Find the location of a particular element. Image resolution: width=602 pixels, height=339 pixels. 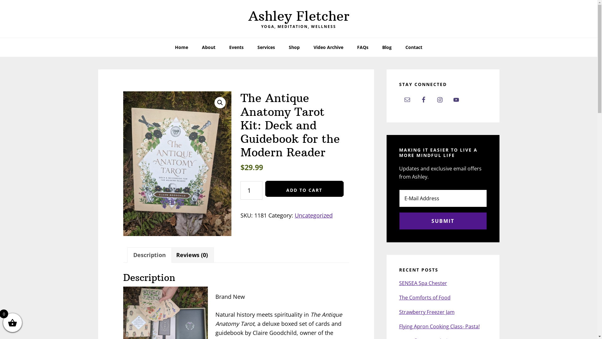

'About' is located at coordinates (209, 47).